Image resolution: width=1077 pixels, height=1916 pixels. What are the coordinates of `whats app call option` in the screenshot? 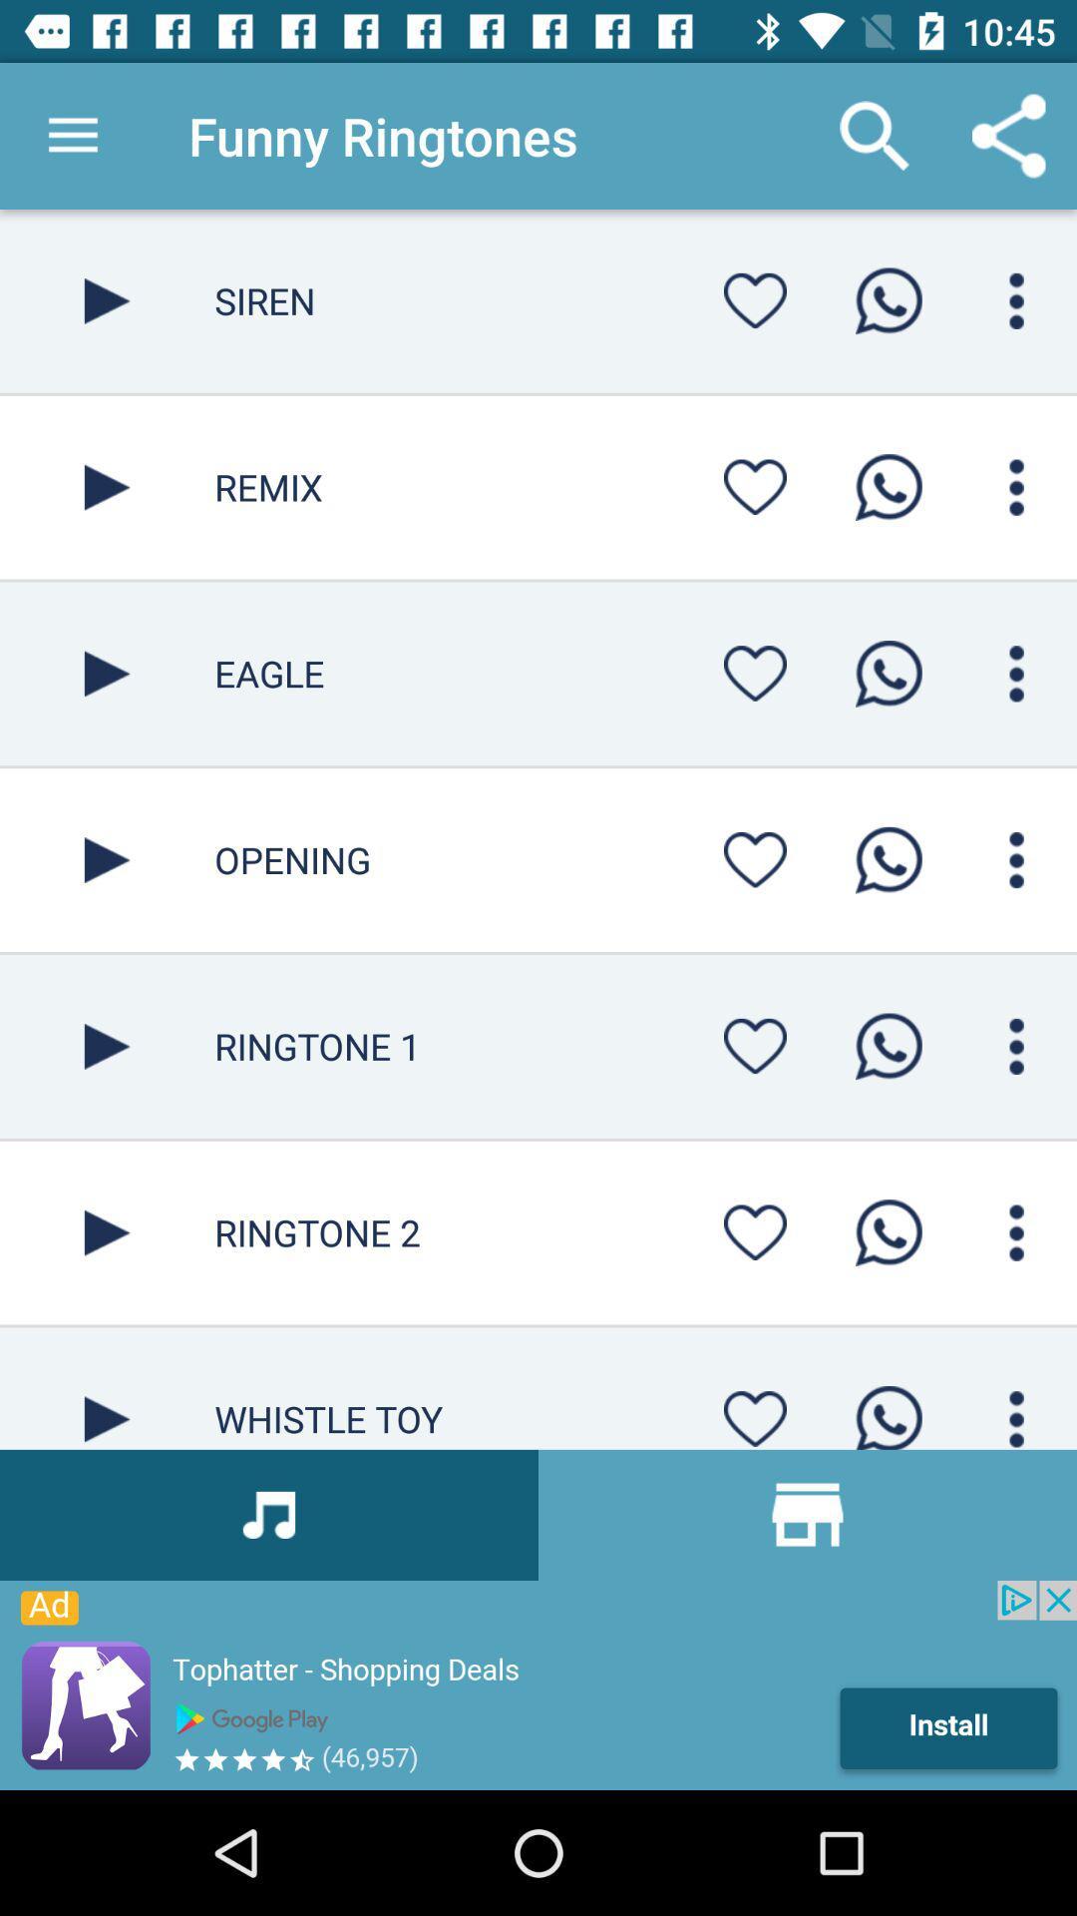 It's located at (888, 1045).